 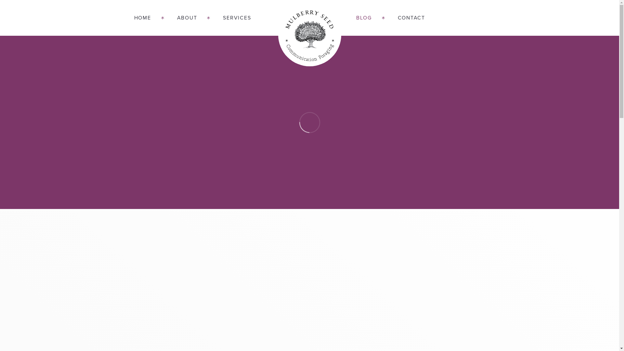 What do you see at coordinates (343, 17) in the screenshot?
I see `'BLOG'` at bounding box center [343, 17].